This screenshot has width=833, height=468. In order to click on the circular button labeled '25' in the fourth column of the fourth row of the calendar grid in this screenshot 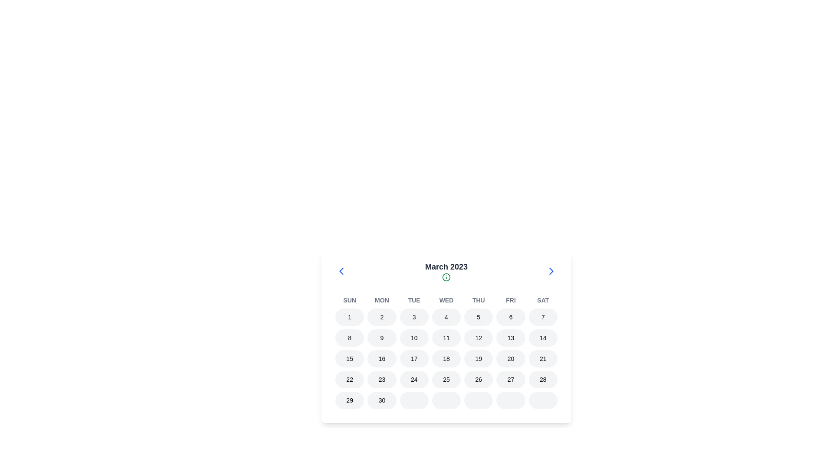, I will do `click(446, 379)`.